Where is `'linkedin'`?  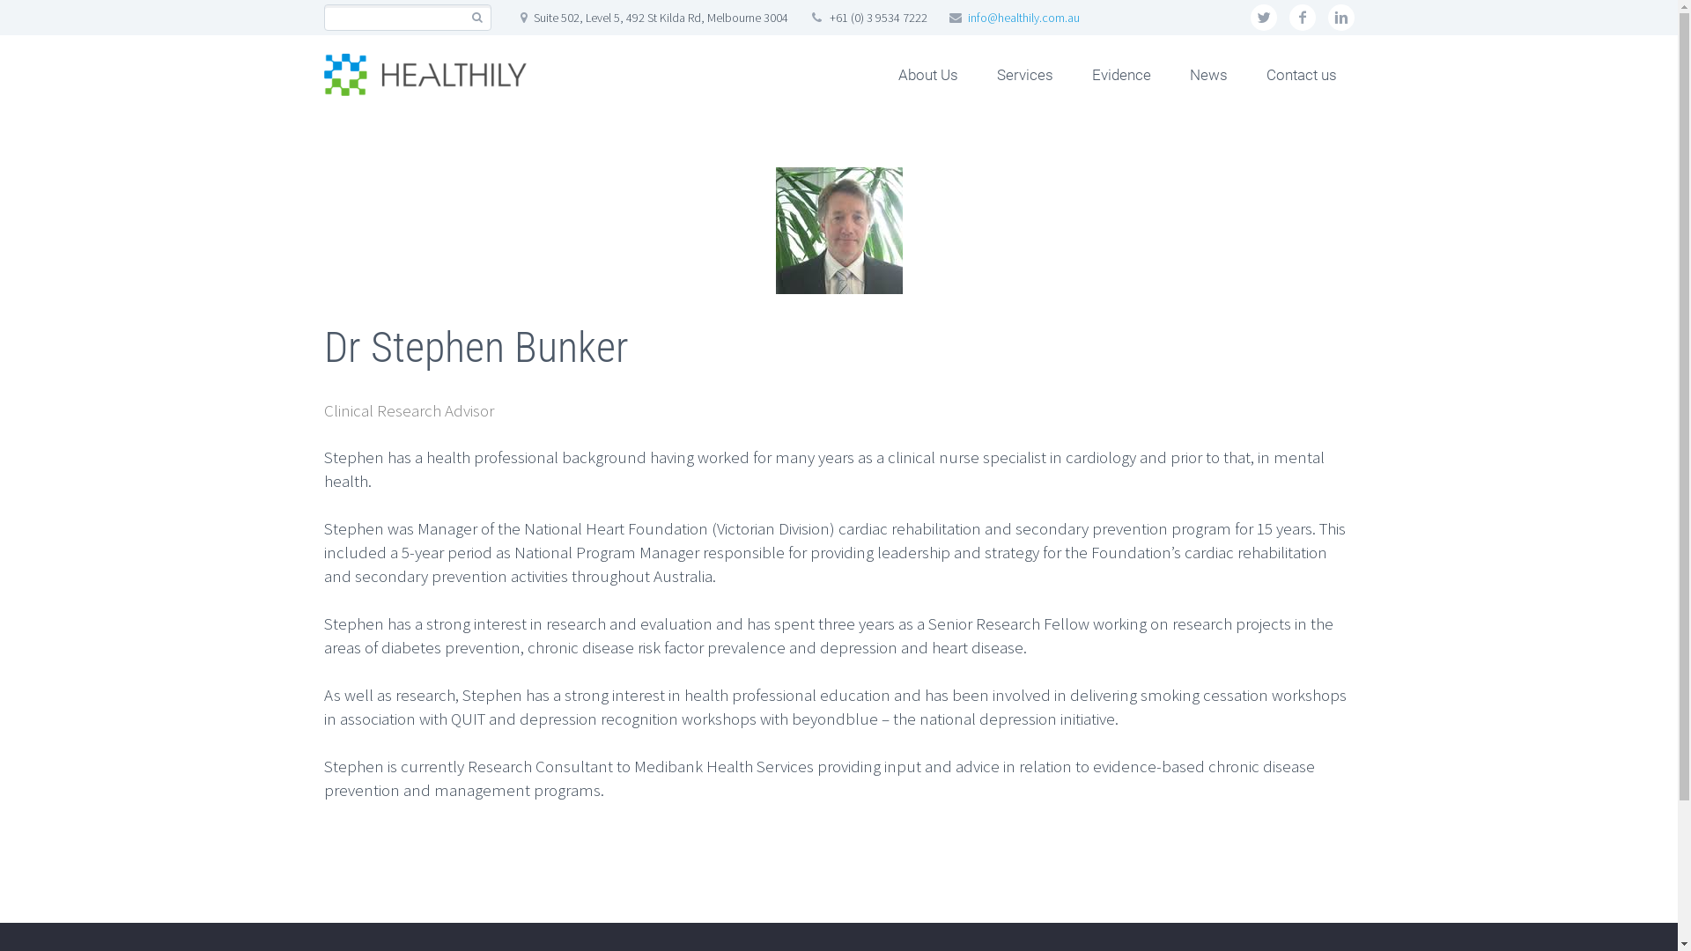
'linkedin' is located at coordinates (1340, 17).